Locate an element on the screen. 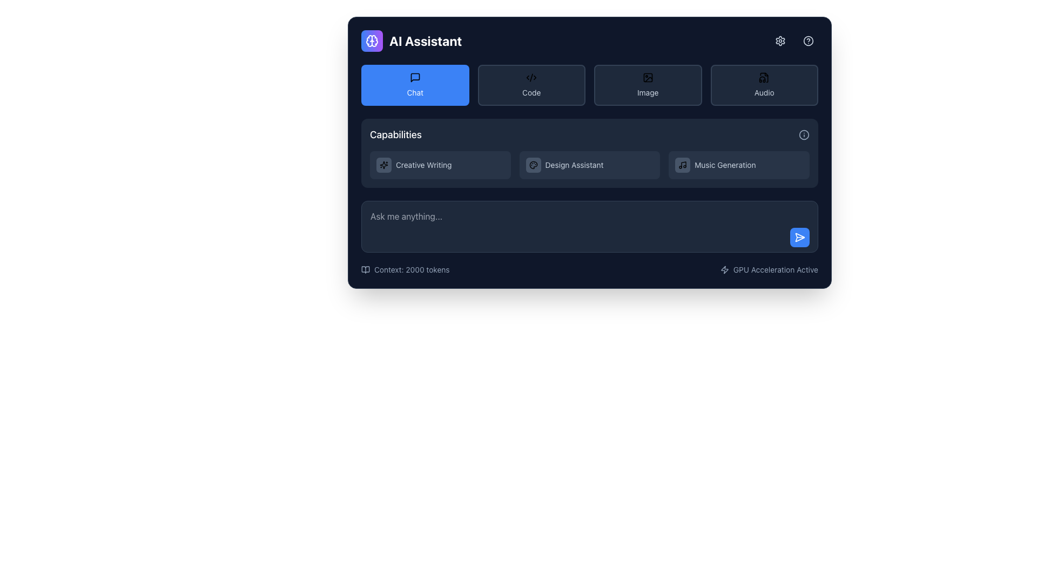  the displayed information of the open book icon located in the lower-left part of the interface, adjacent to the text label 'Context: 2000 tokens' is located at coordinates (365, 269).